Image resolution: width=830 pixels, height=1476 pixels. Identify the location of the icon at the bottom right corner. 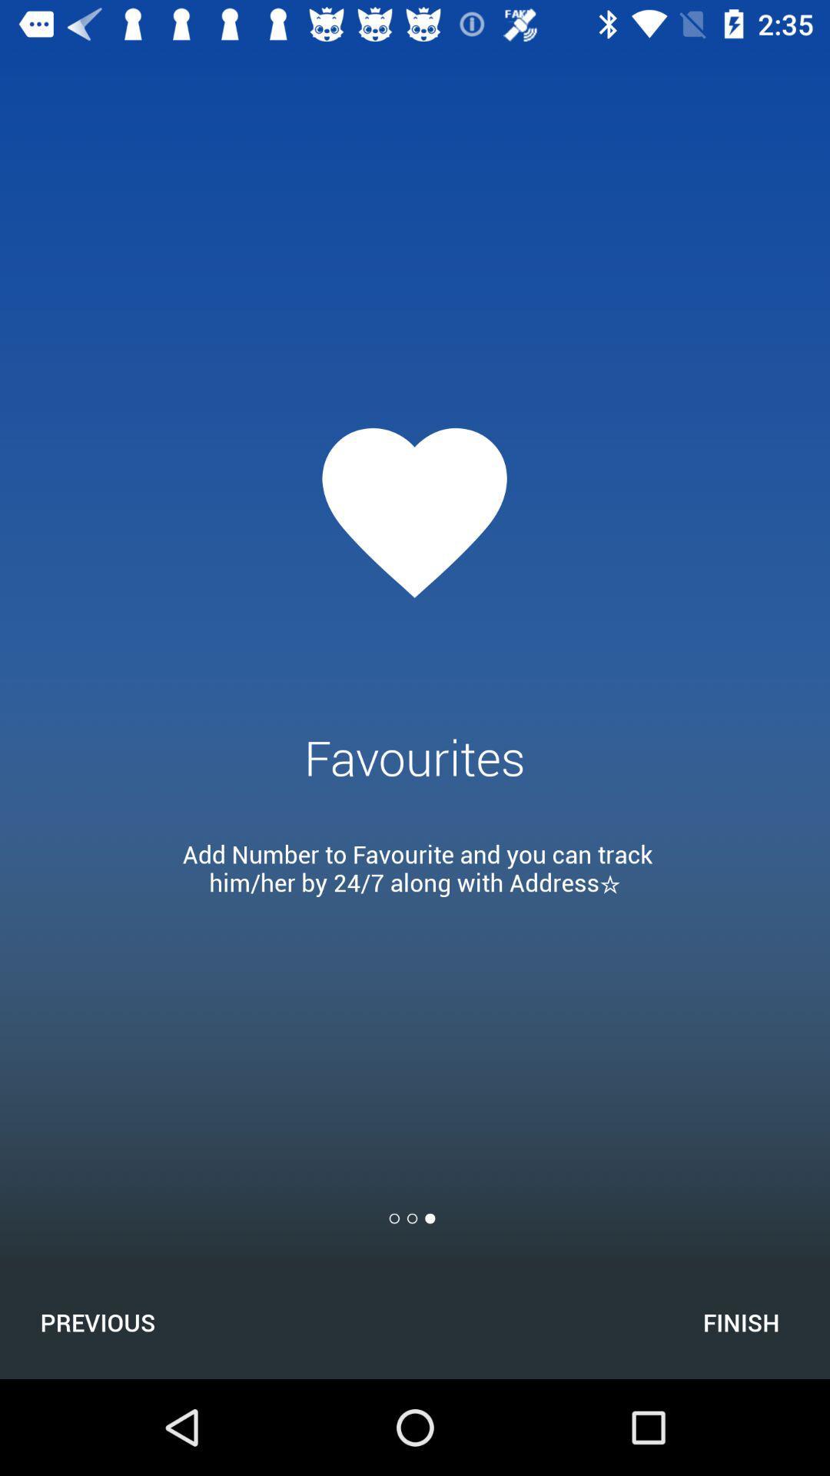
(740, 1321).